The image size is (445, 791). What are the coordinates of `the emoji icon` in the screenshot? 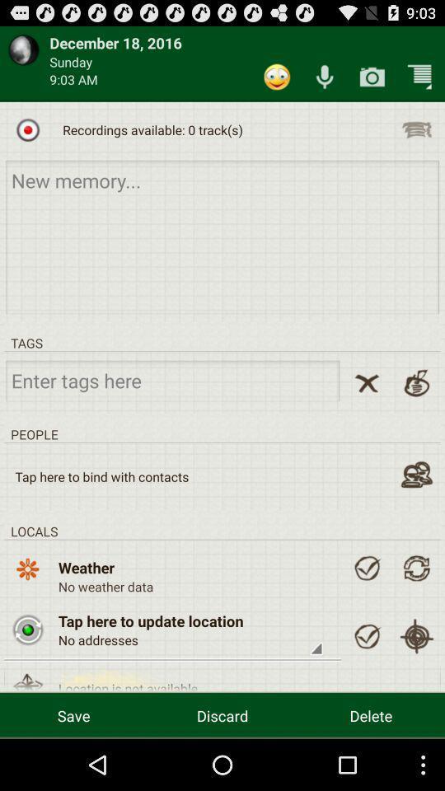 It's located at (277, 82).